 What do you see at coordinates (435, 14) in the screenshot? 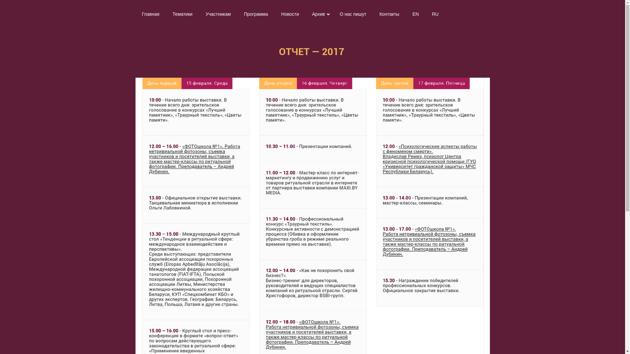
I see `'RU'` at bounding box center [435, 14].